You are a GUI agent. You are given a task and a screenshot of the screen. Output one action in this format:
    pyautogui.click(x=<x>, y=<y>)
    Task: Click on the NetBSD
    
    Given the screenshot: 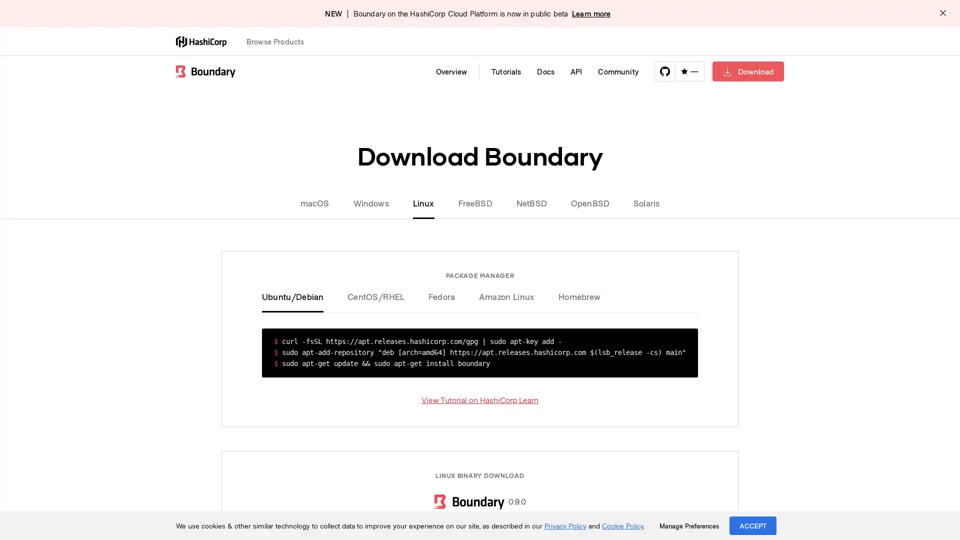 What is the action you would take?
    pyautogui.click(x=530, y=202)
    